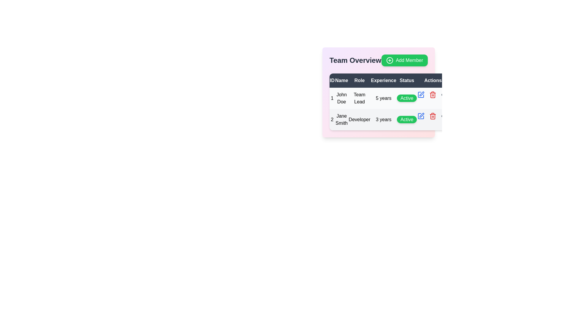 This screenshot has height=320, width=570. I want to click on the edit button in the actions column of the first row of the table, so click(421, 95).